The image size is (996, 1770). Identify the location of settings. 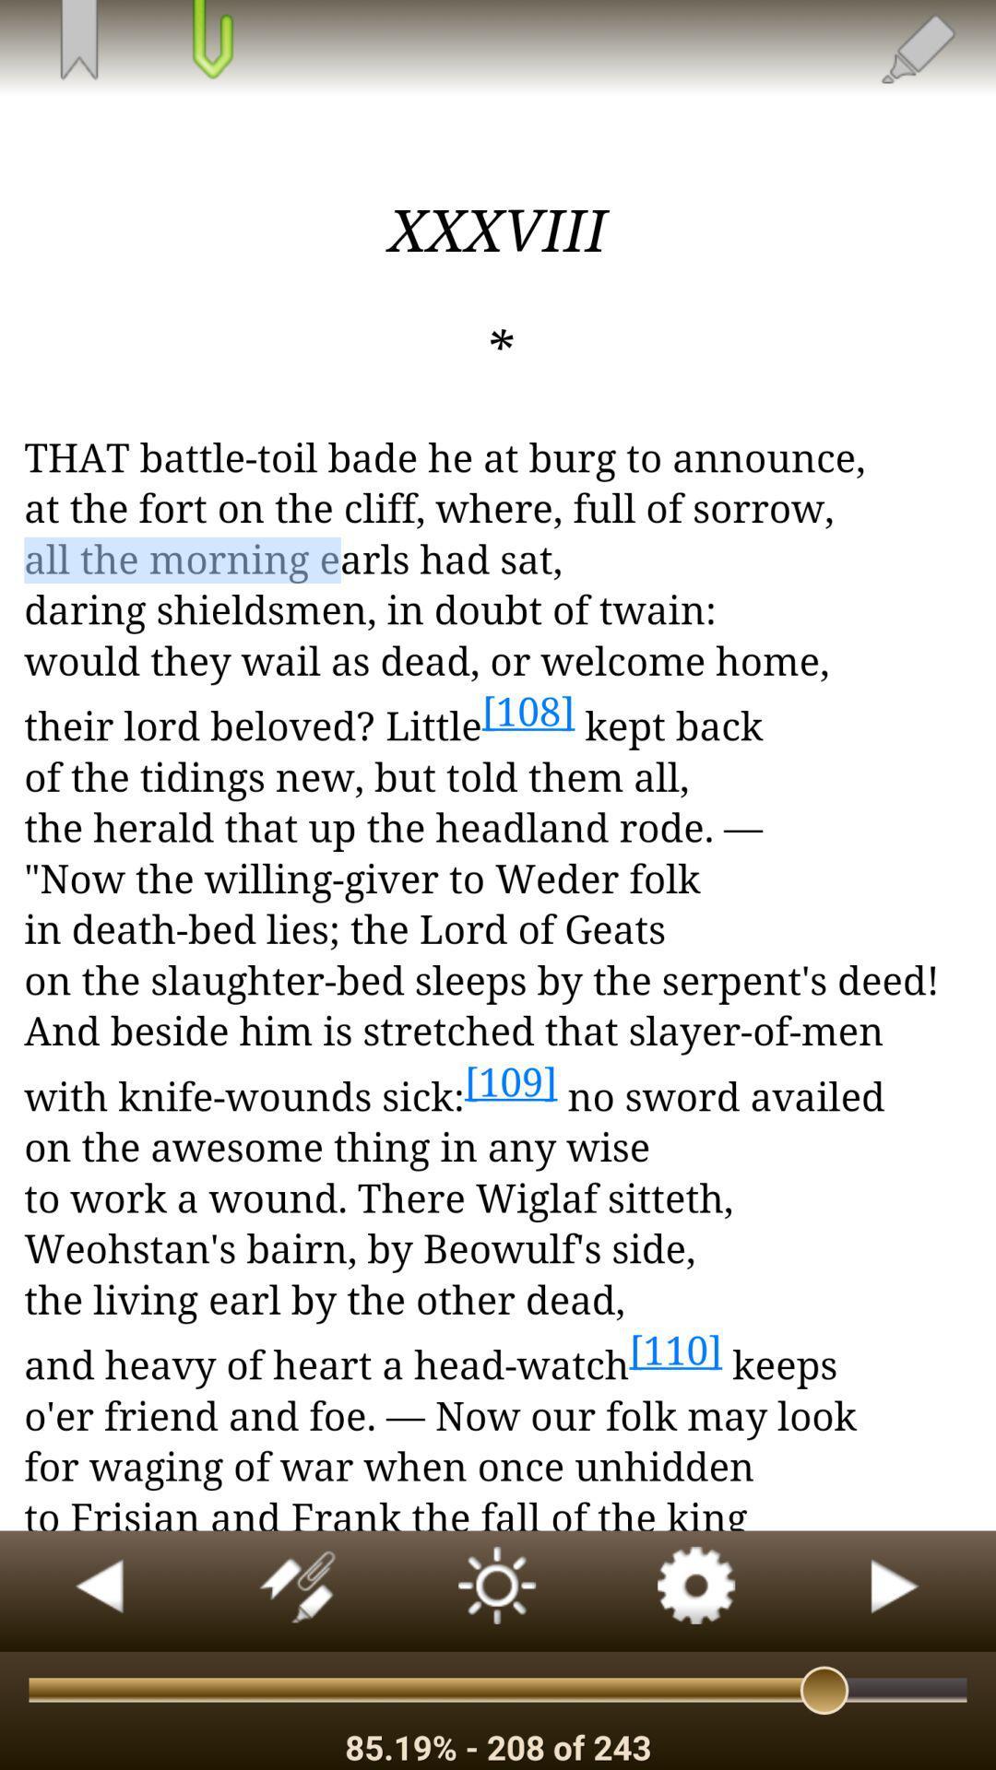
(697, 1590).